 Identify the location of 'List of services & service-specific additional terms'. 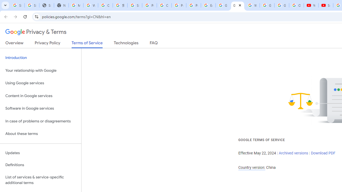
(40, 180).